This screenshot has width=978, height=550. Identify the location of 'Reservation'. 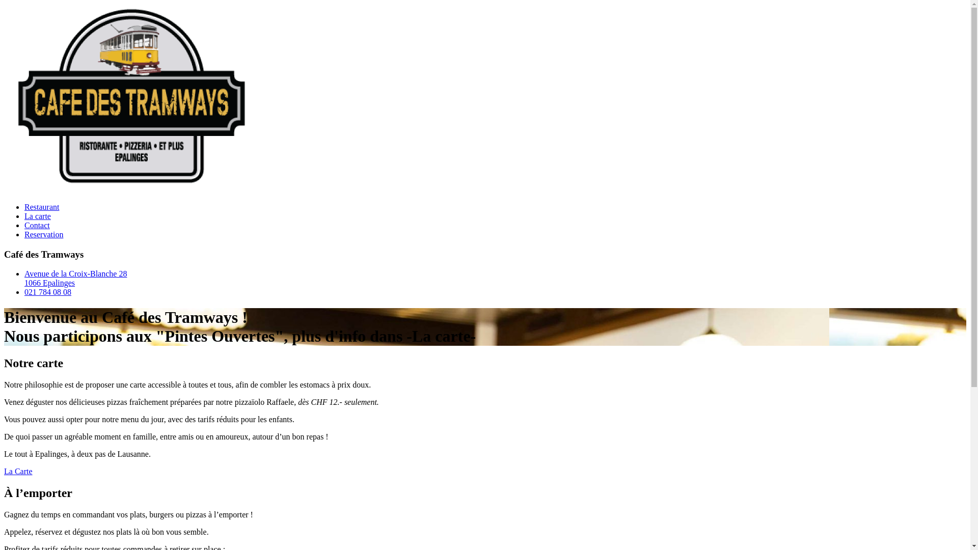
(43, 234).